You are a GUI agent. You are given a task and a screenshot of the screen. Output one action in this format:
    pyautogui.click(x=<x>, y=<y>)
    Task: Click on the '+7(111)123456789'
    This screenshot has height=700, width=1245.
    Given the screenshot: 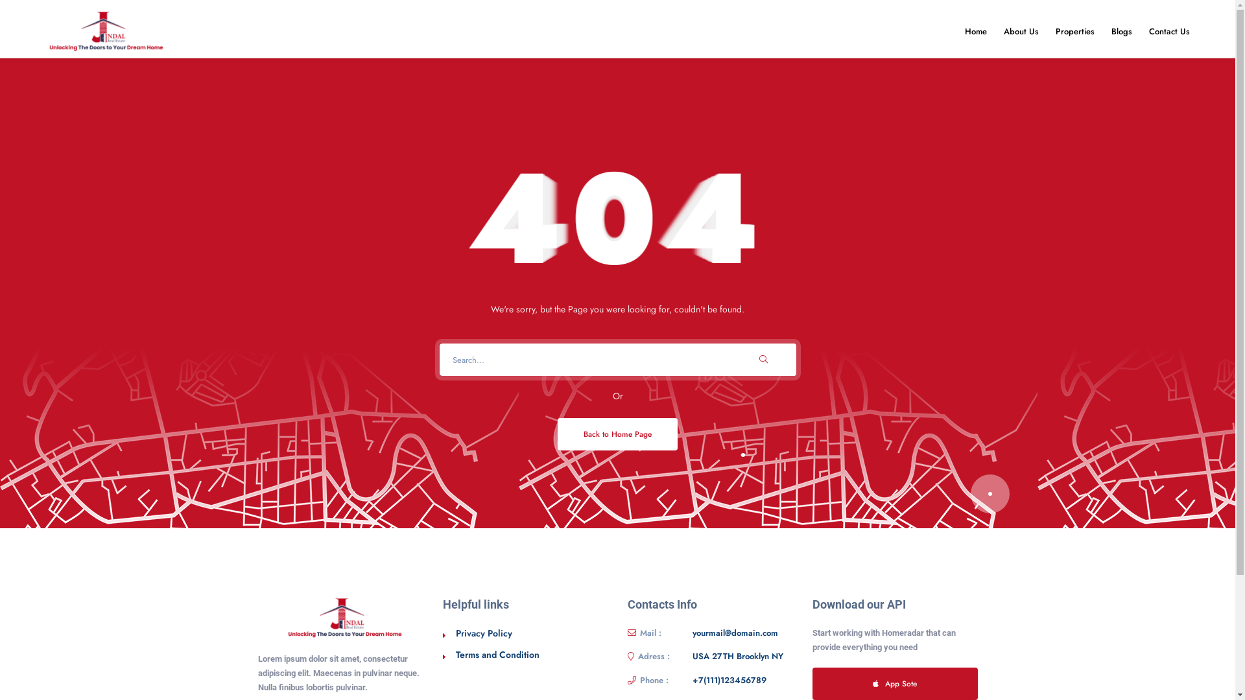 What is the action you would take?
    pyautogui.click(x=729, y=679)
    